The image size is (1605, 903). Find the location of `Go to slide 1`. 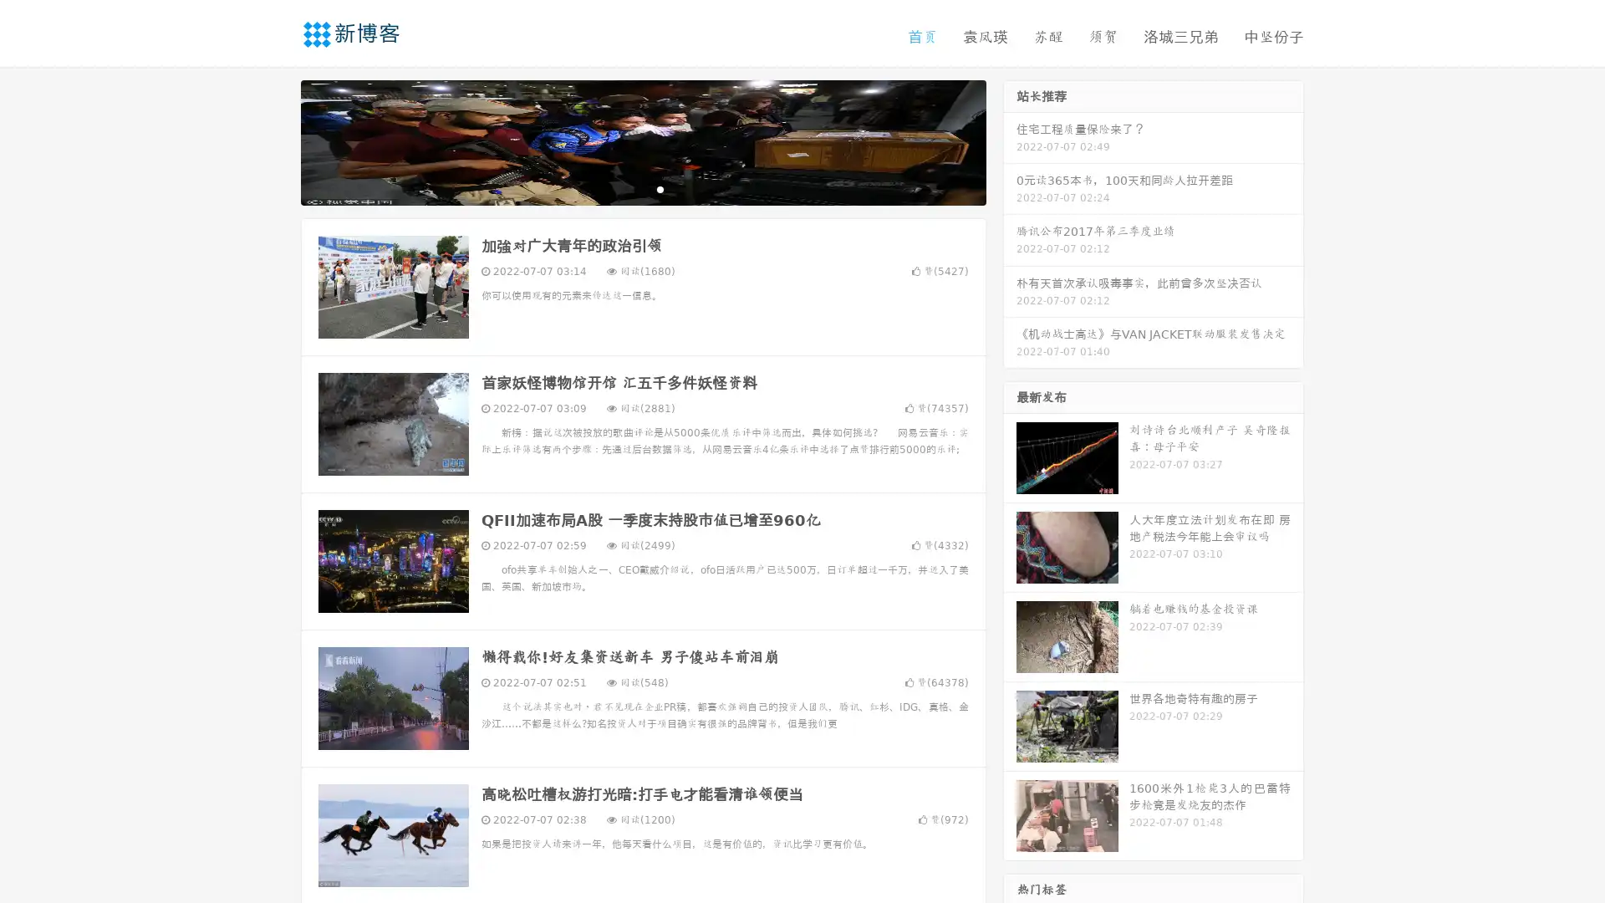

Go to slide 1 is located at coordinates (625, 188).